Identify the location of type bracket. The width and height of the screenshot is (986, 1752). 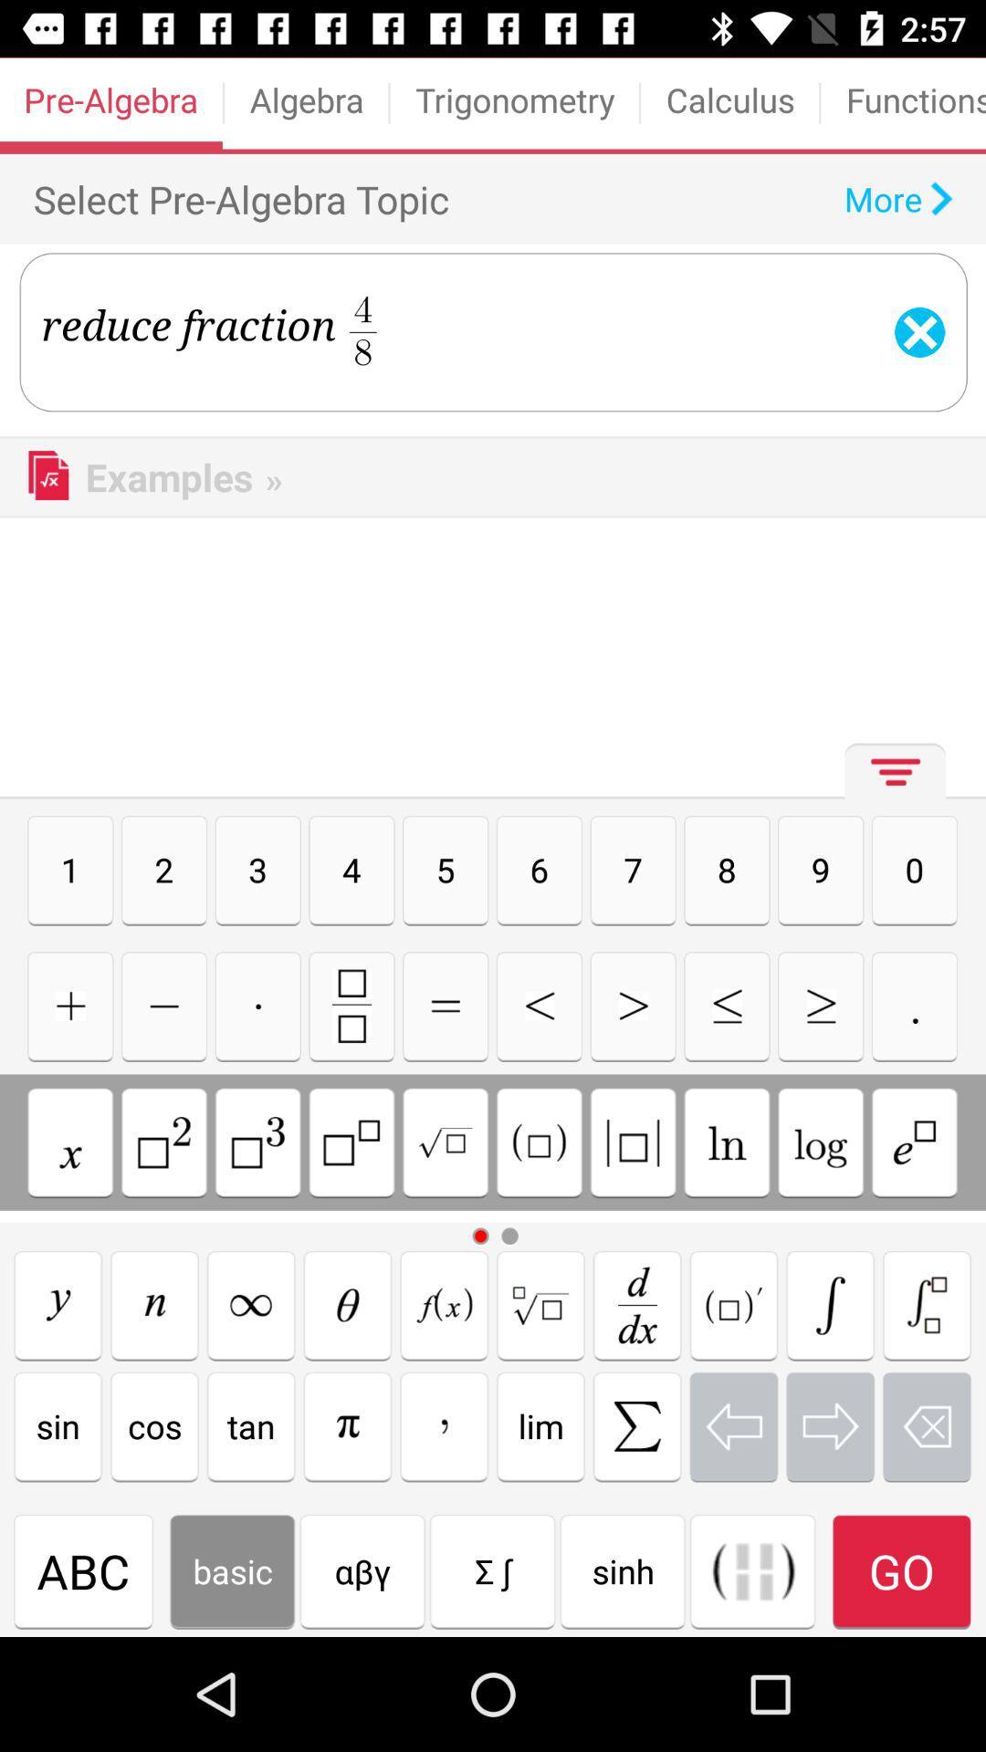
(830, 1304).